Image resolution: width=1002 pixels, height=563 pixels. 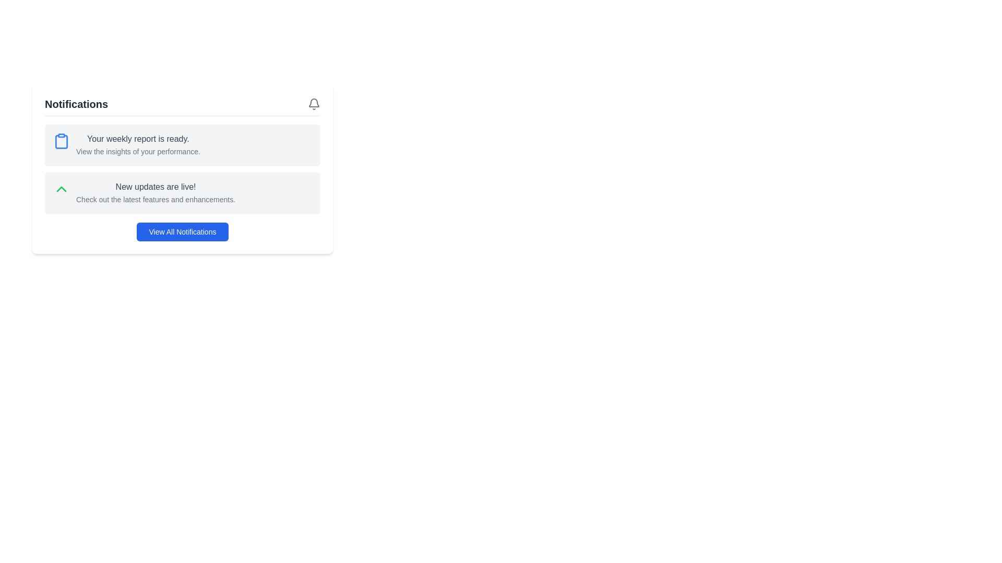 What do you see at coordinates (155, 193) in the screenshot?
I see `the notification text label that provides updates about new features, which is located beneath the upward green arrow icon within the notification card` at bounding box center [155, 193].